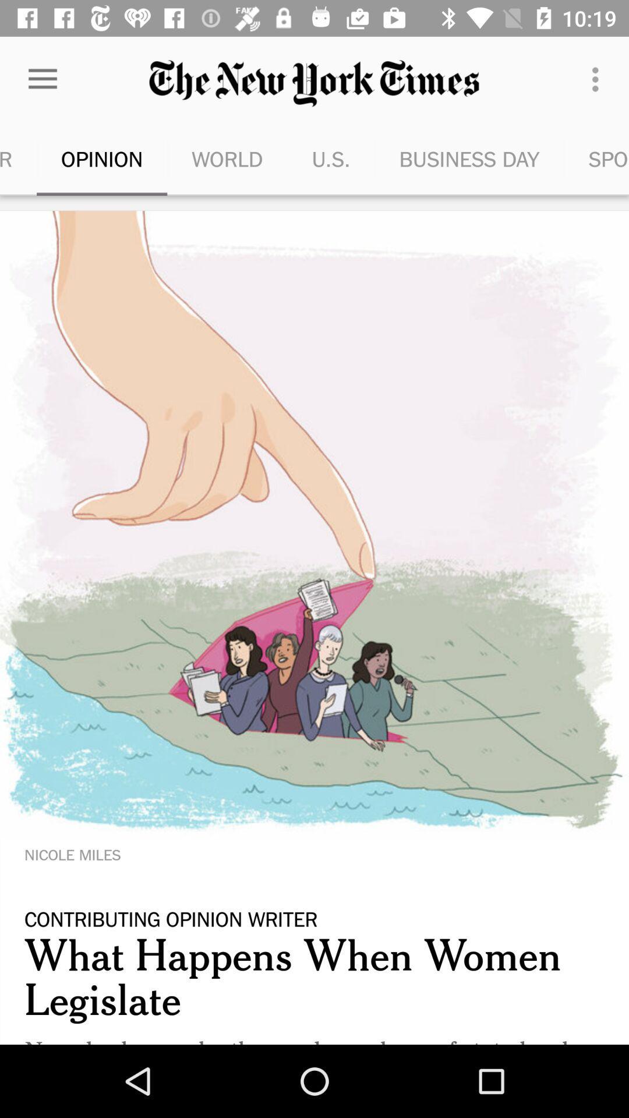  Describe the element at coordinates (227, 158) in the screenshot. I see `the item next to u.s. item` at that location.